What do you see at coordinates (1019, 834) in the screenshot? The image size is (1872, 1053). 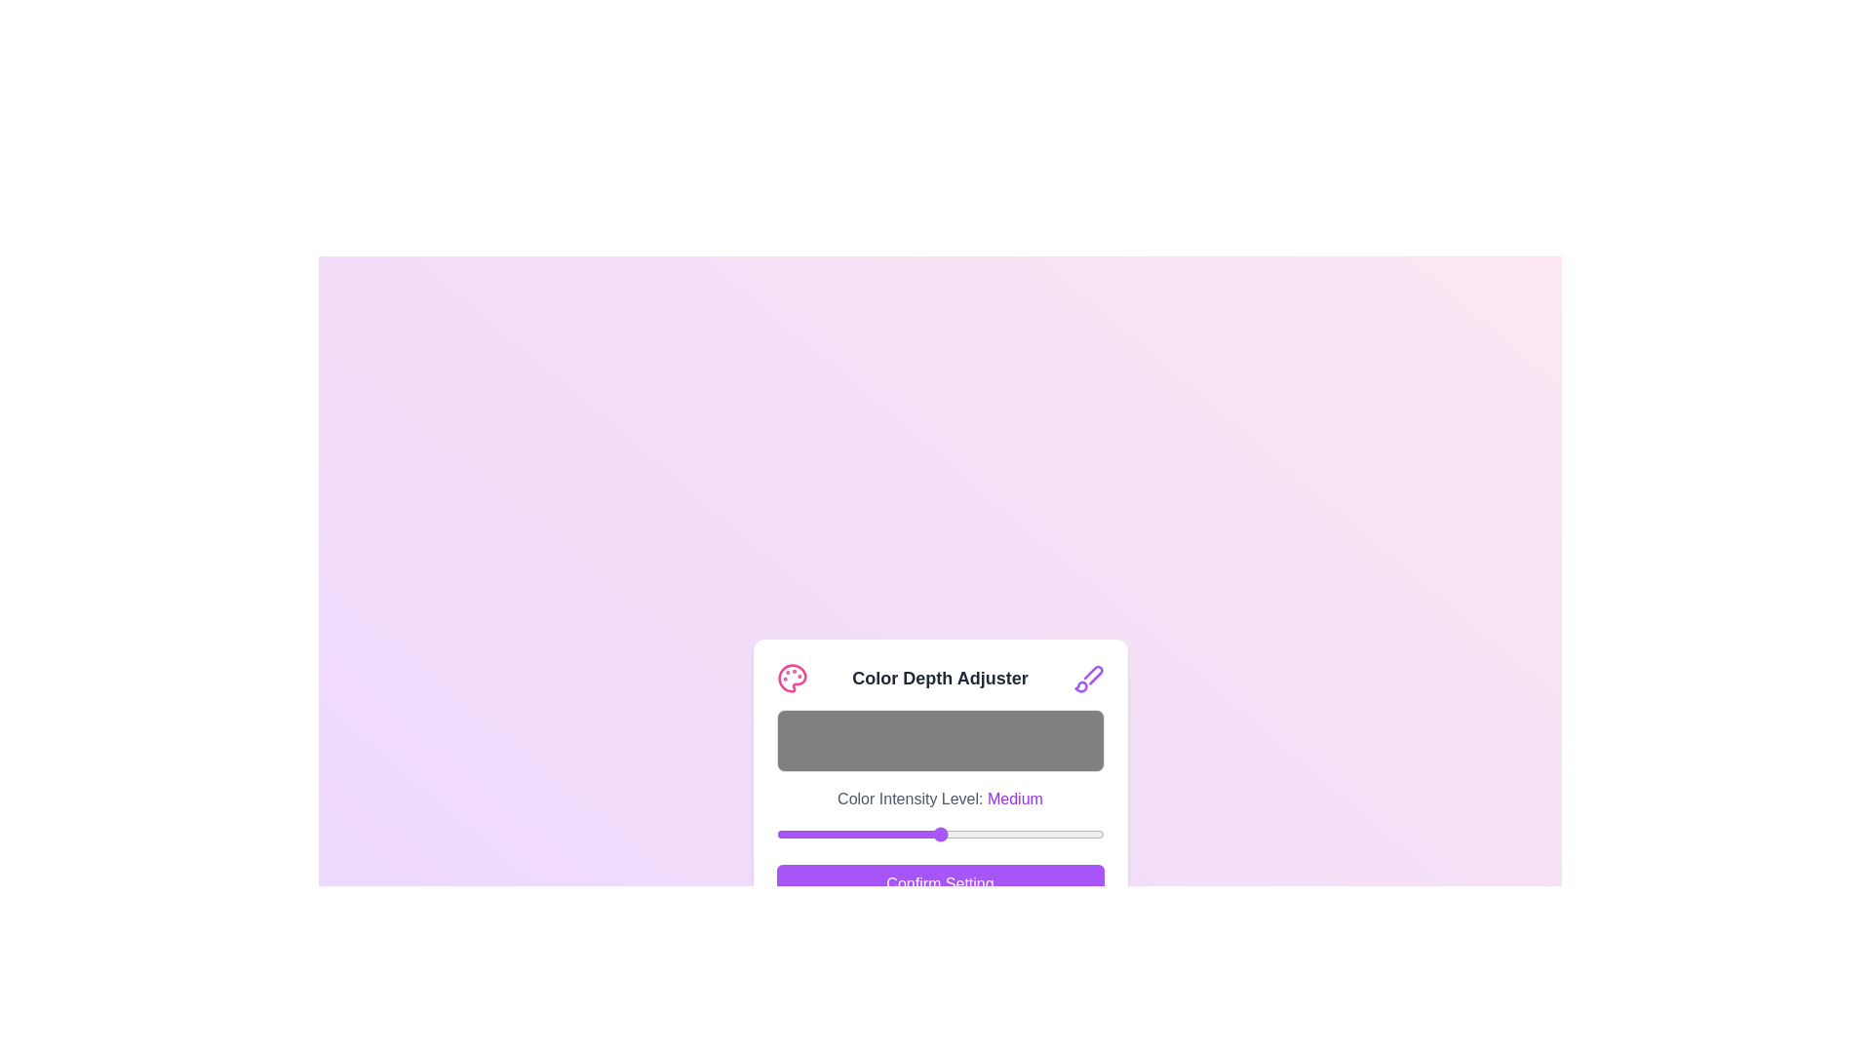 I see `the color intensity slider to 190 where 190 is a value between 0 and 255` at bounding box center [1019, 834].